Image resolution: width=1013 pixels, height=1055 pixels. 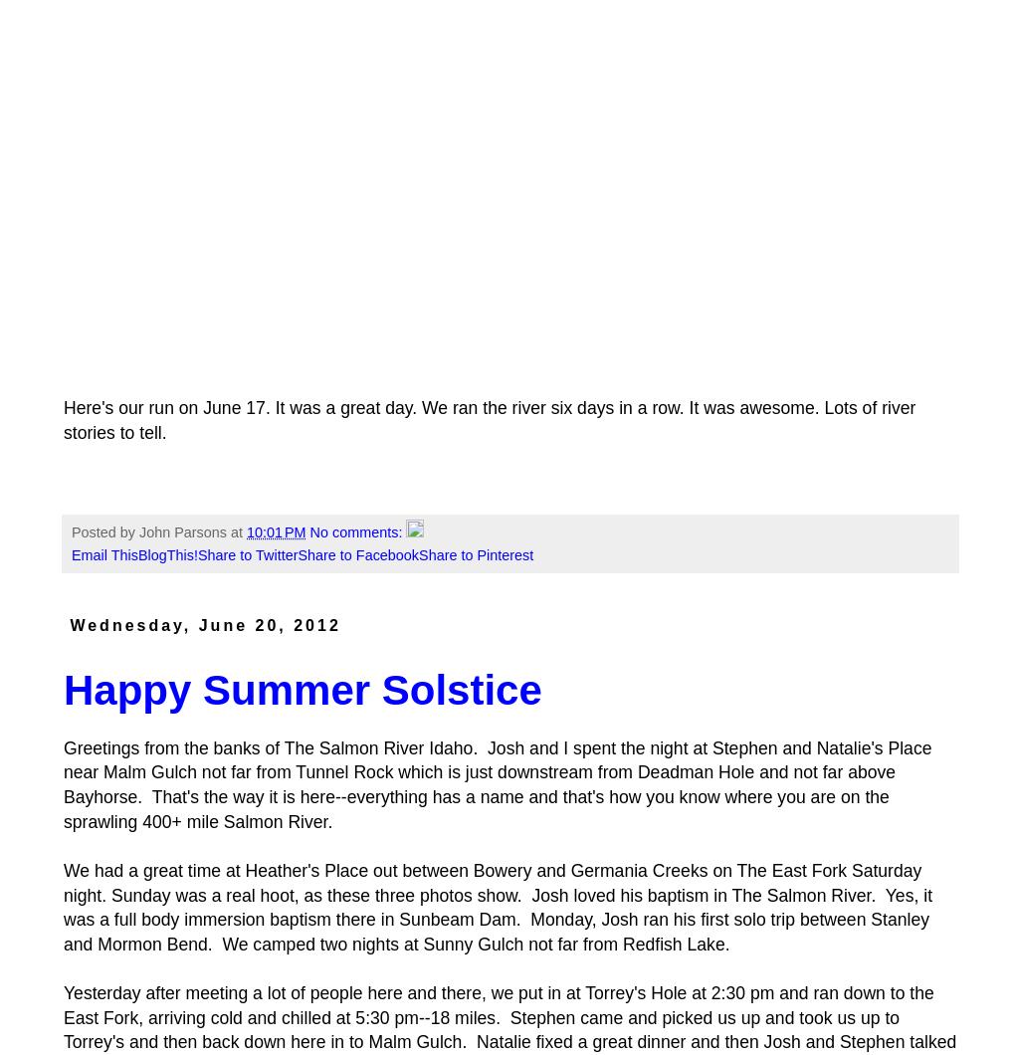 What do you see at coordinates (357, 554) in the screenshot?
I see `'Share to Facebook'` at bounding box center [357, 554].